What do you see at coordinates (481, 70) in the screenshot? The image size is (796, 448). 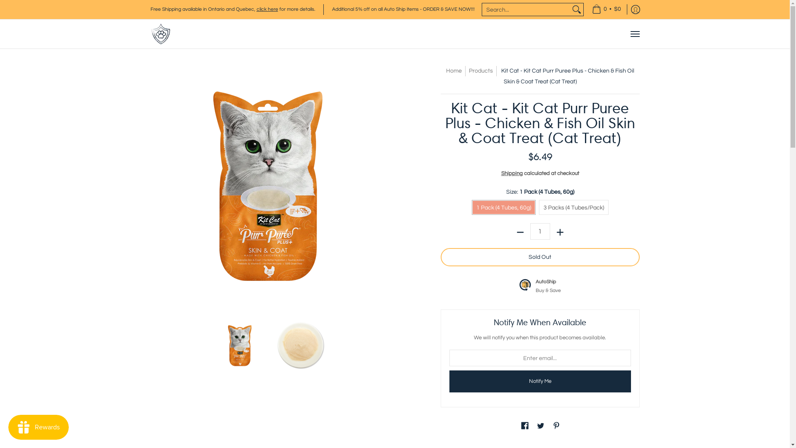 I see `'Products'` at bounding box center [481, 70].